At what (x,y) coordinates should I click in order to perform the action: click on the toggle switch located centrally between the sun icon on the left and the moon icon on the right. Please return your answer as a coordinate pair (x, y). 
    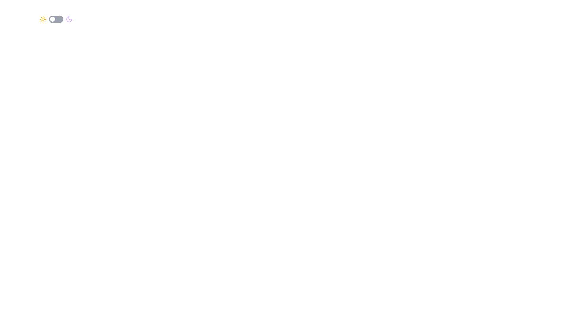
    Looking at the image, I should click on (56, 19).